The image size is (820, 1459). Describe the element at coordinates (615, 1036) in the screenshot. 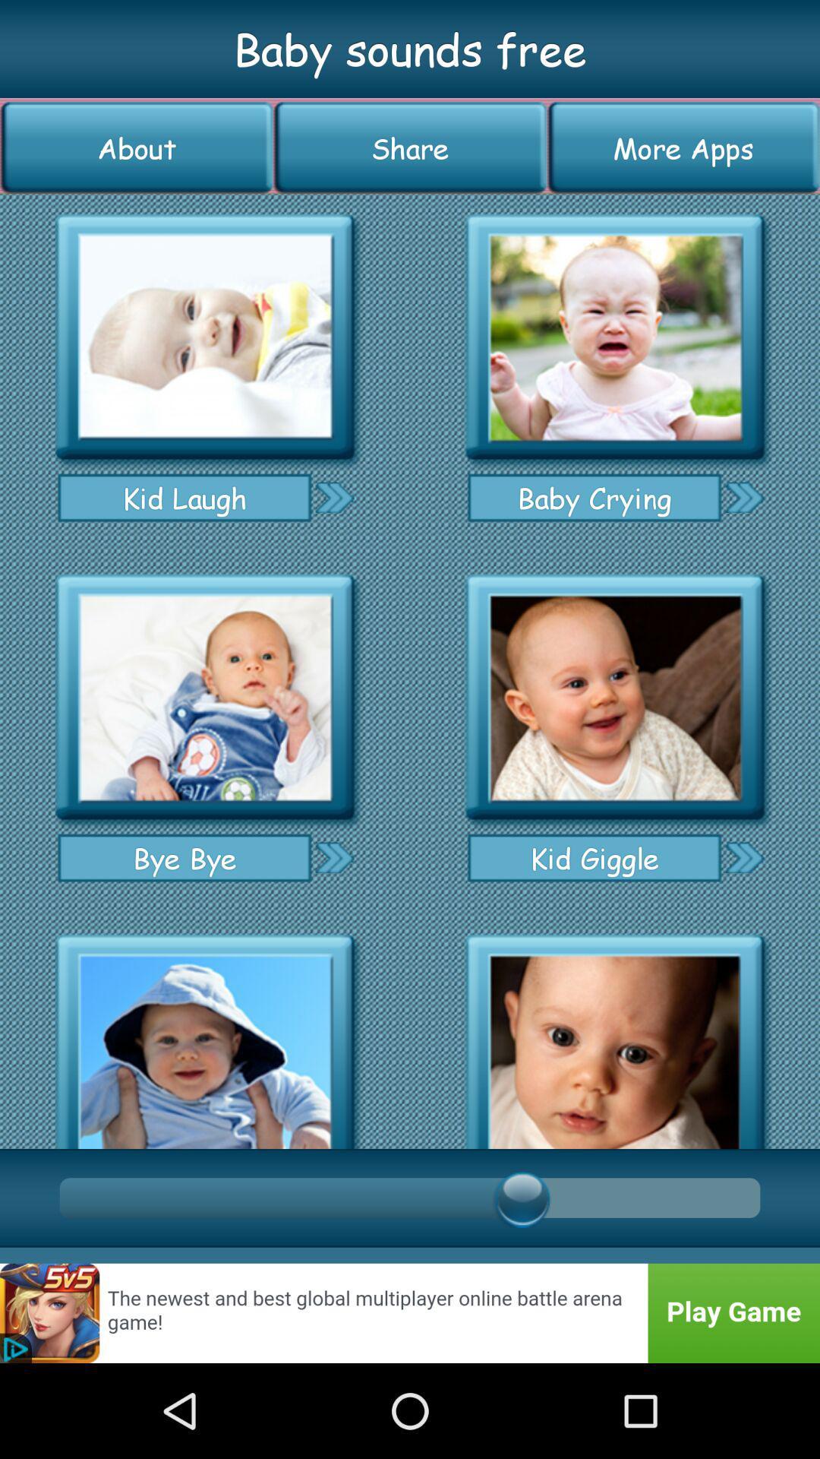

I see `open sound file` at that location.